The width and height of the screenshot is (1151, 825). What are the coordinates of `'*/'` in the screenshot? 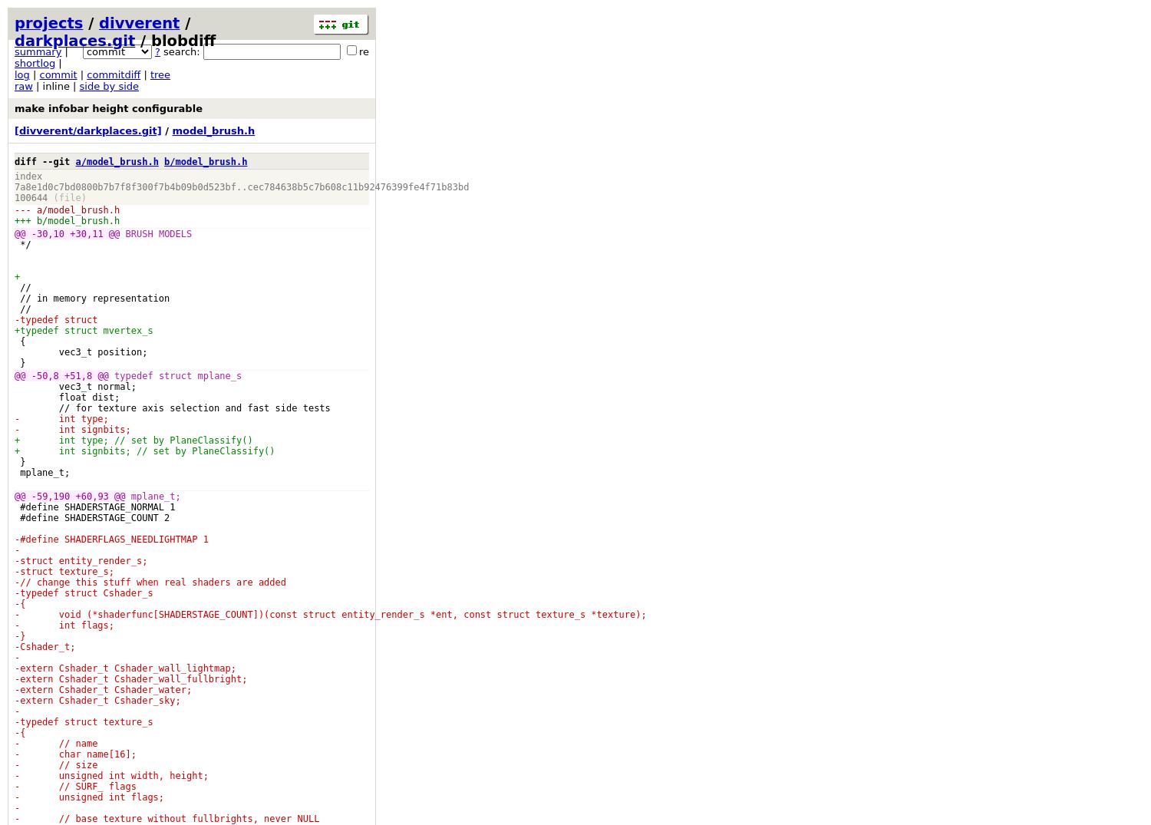 It's located at (22, 243).